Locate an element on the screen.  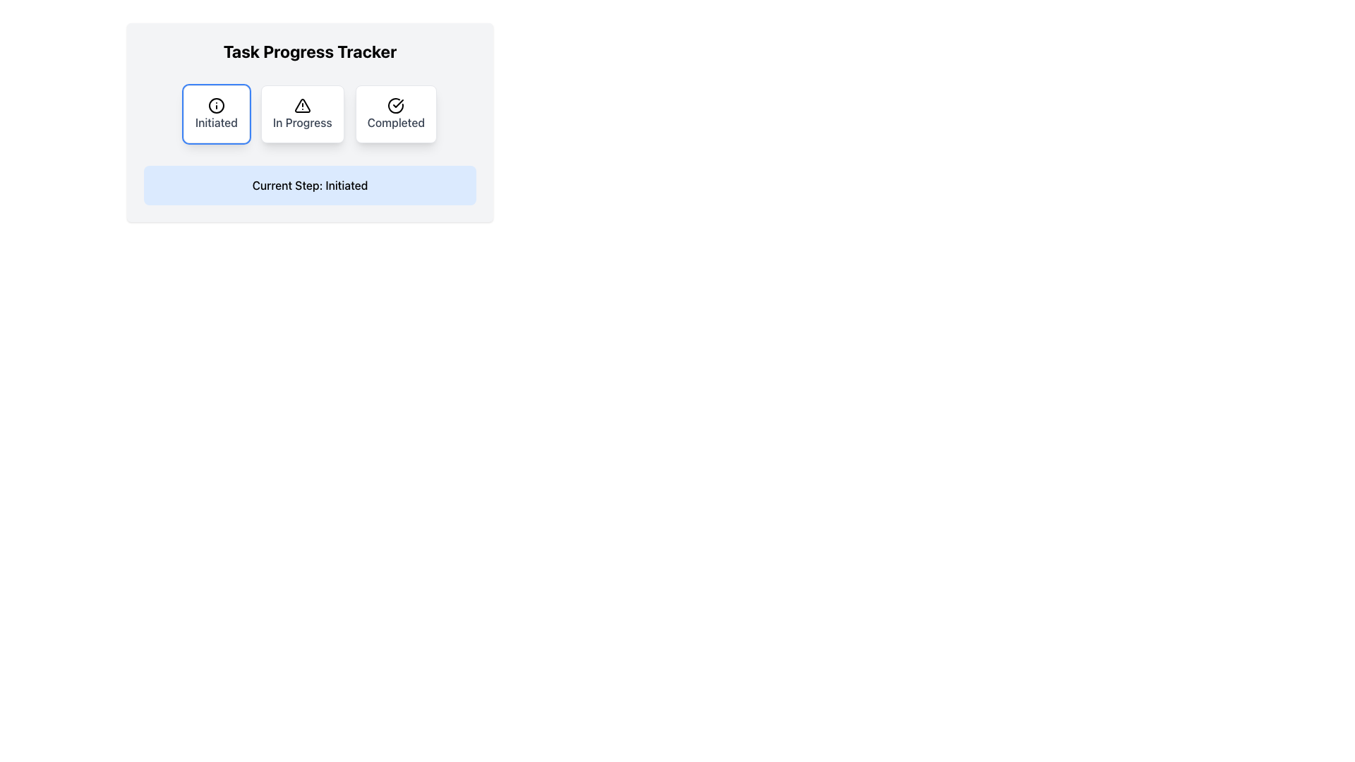
the 'Completed' status indicator, which is the third item in the horizontal list under the 'Task Progress Tracker' heading is located at coordinates (395, 114).